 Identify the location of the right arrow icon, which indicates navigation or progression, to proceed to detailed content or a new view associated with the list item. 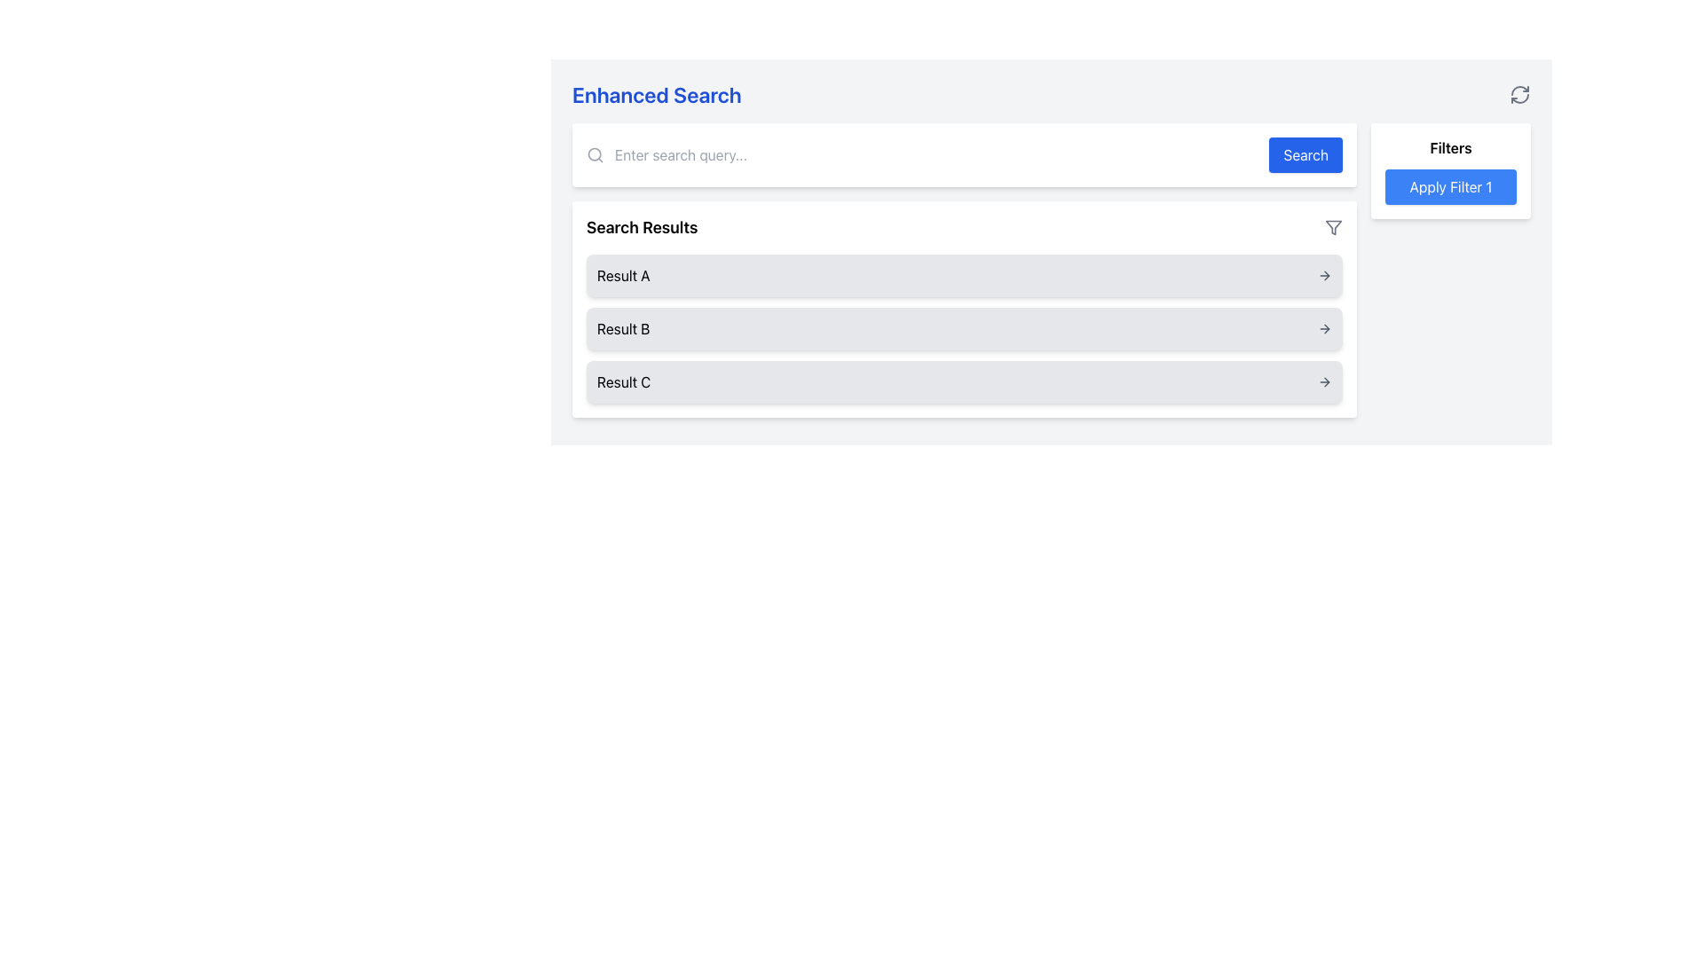
(1326, 328).